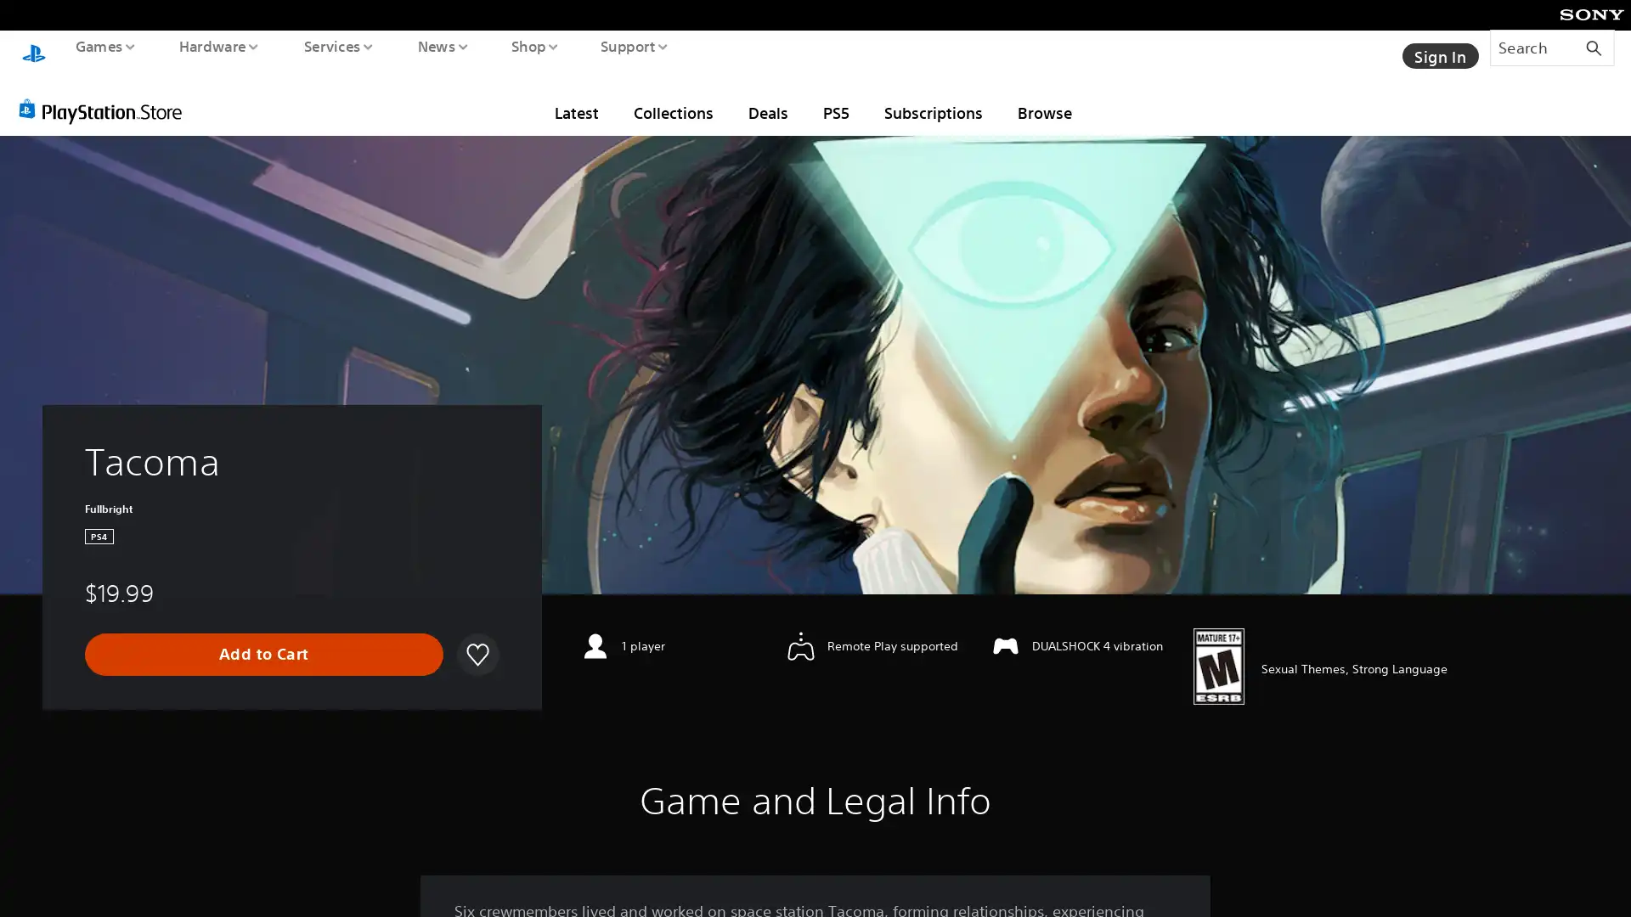  I want to click on Sign In, so click(1438, 47).